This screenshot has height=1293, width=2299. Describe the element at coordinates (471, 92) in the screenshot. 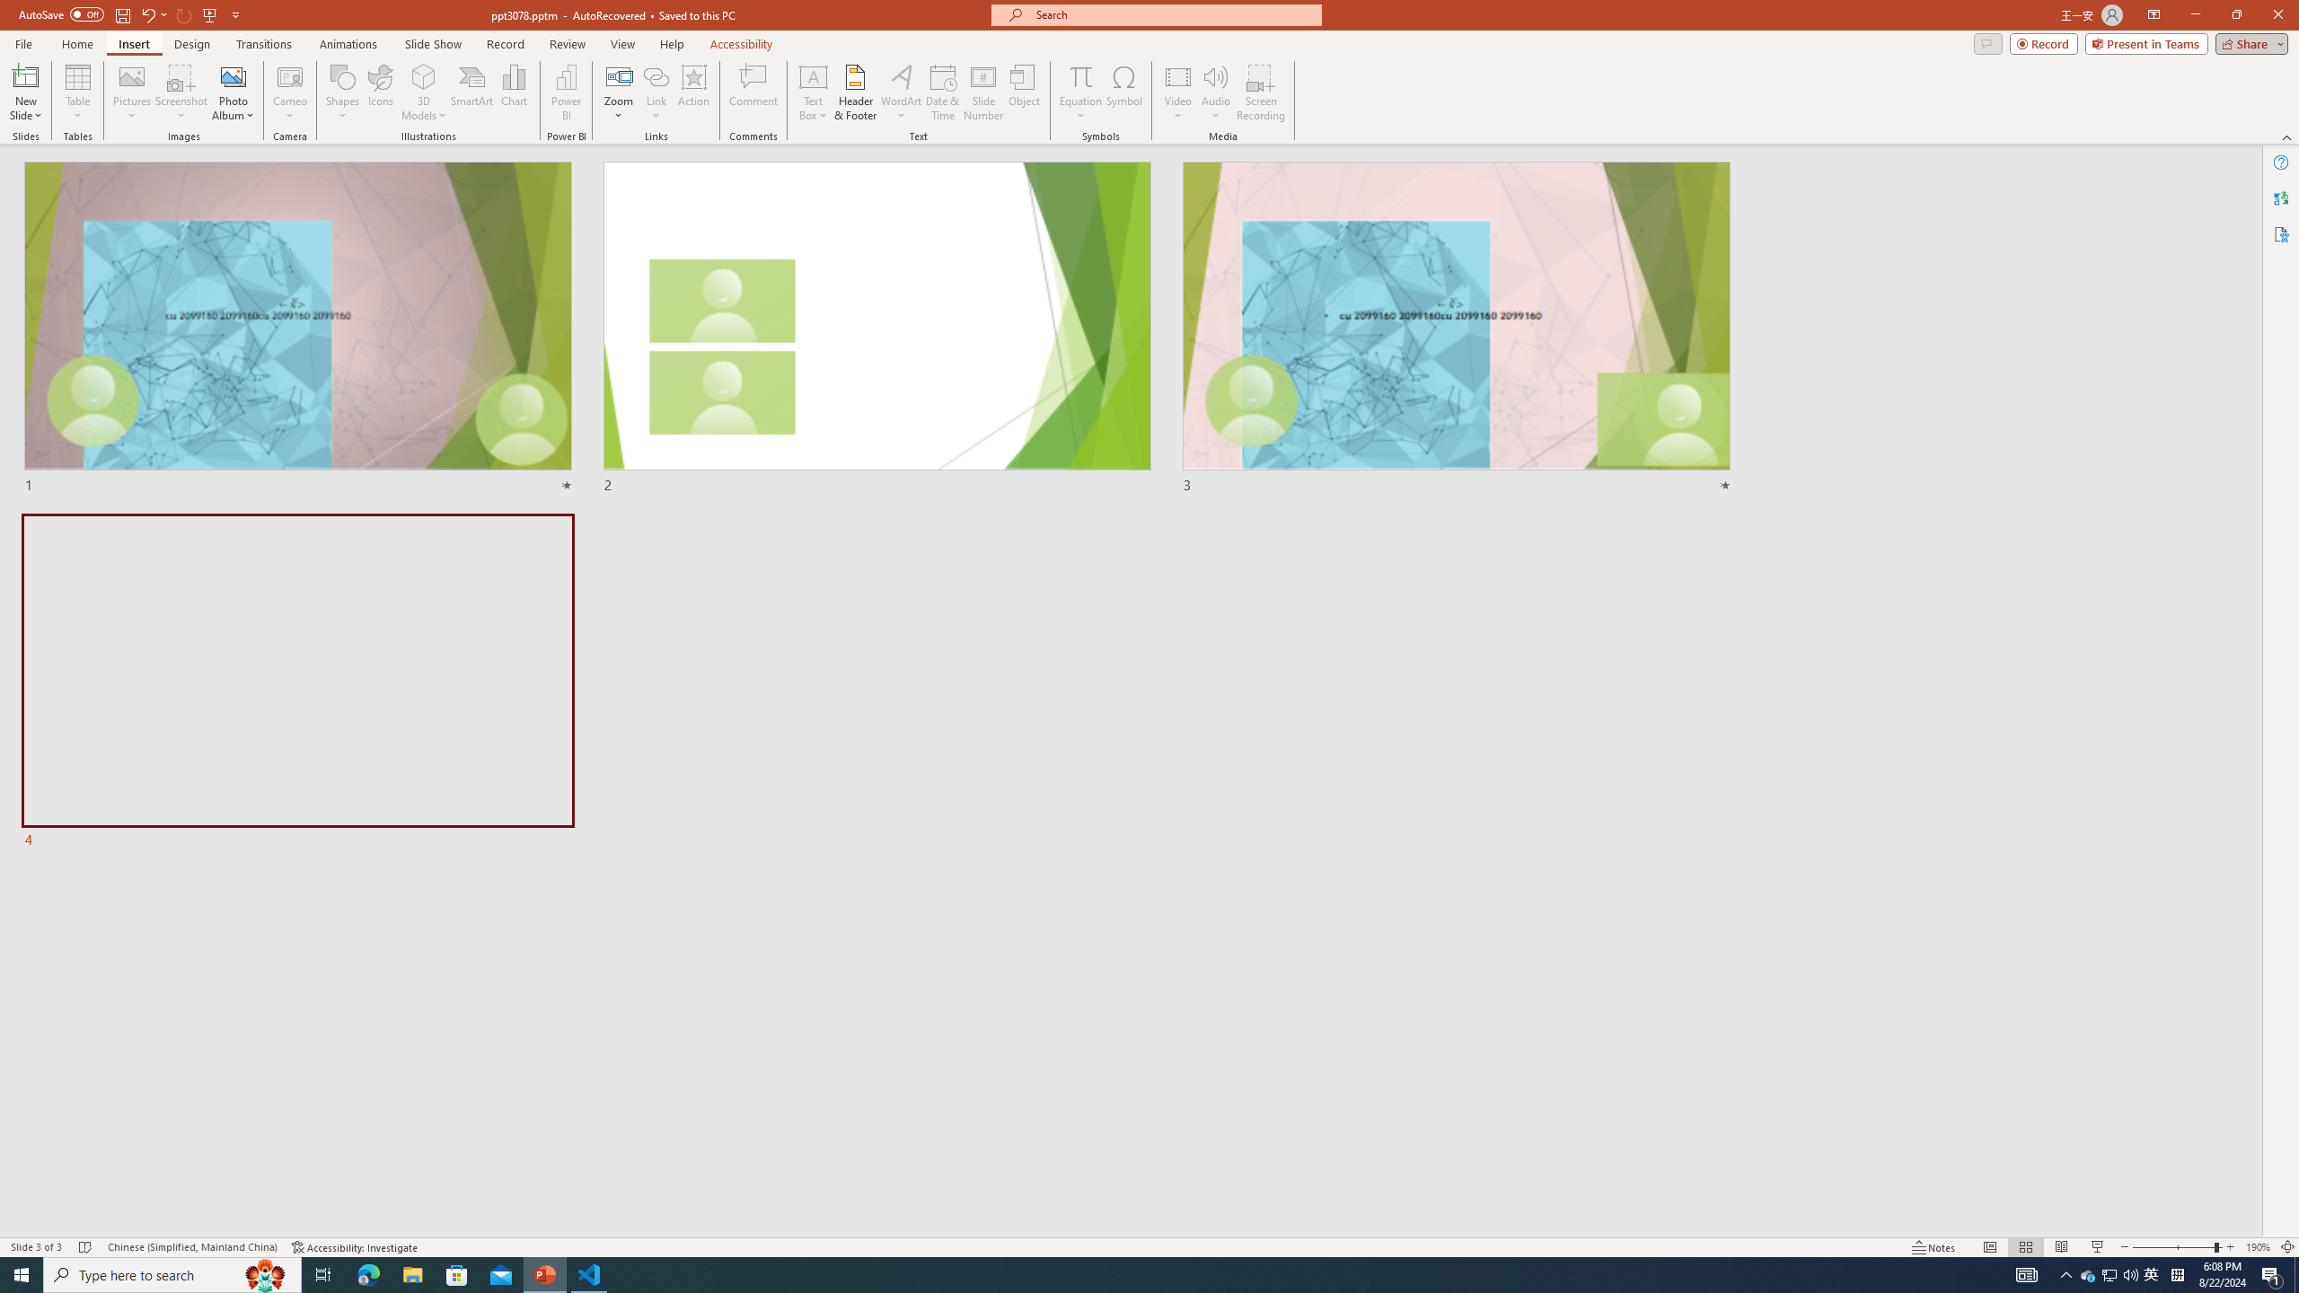

I see `'SmartArt...'` at that location.